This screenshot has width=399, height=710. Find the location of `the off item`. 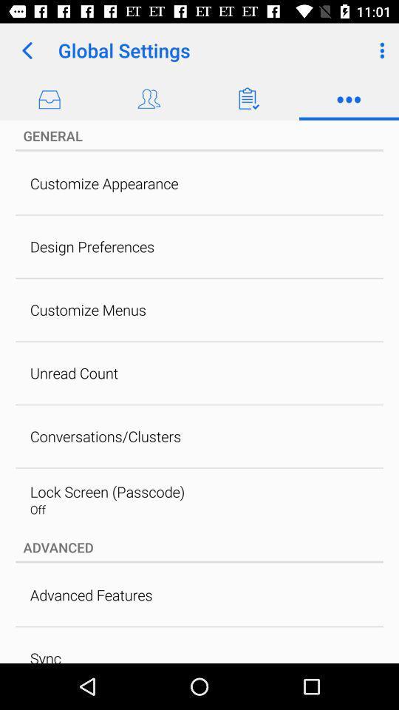

the off item is located at coordinates (38, 510).